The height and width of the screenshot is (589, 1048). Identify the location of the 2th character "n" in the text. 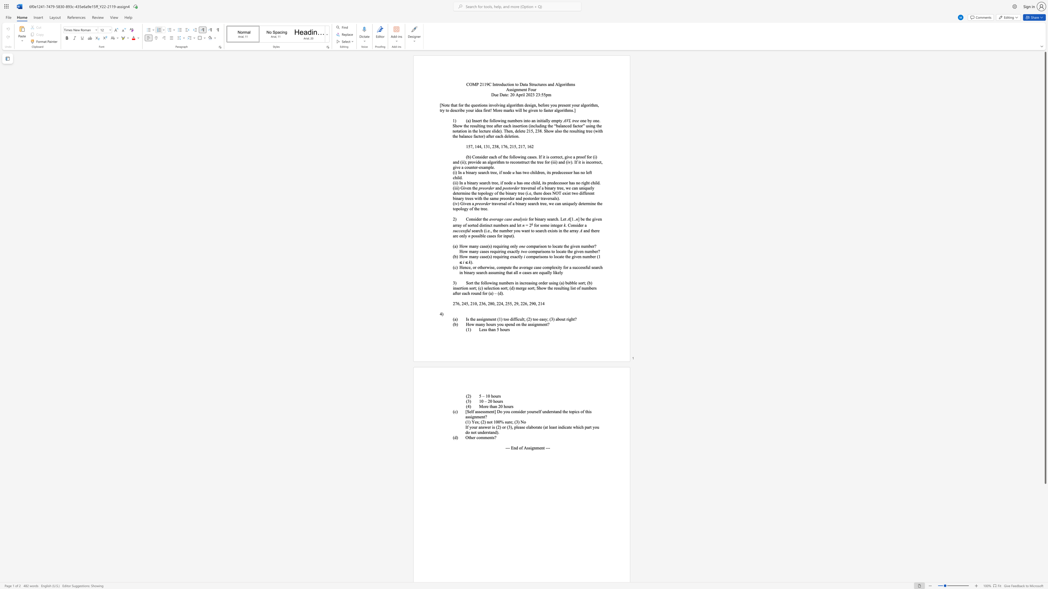
(560, 427).